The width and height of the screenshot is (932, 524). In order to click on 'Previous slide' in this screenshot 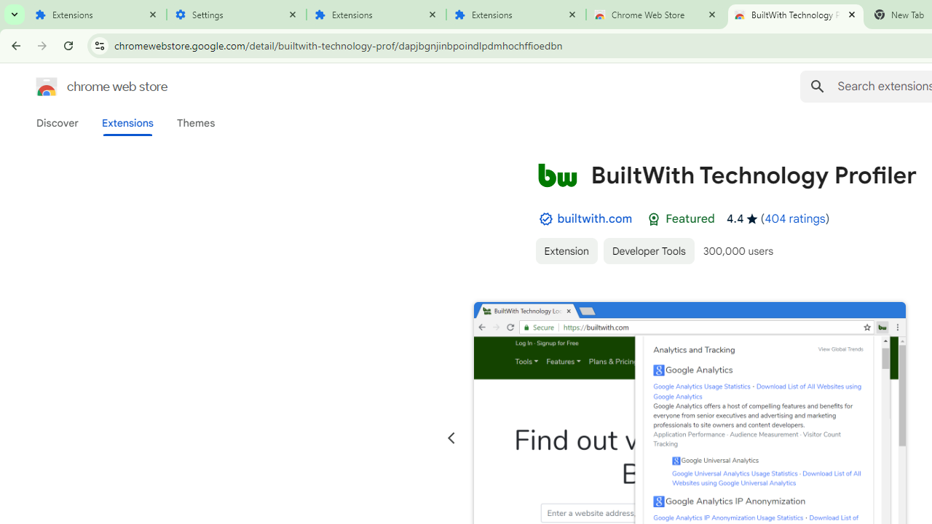, I will do `click(450, 437)`.